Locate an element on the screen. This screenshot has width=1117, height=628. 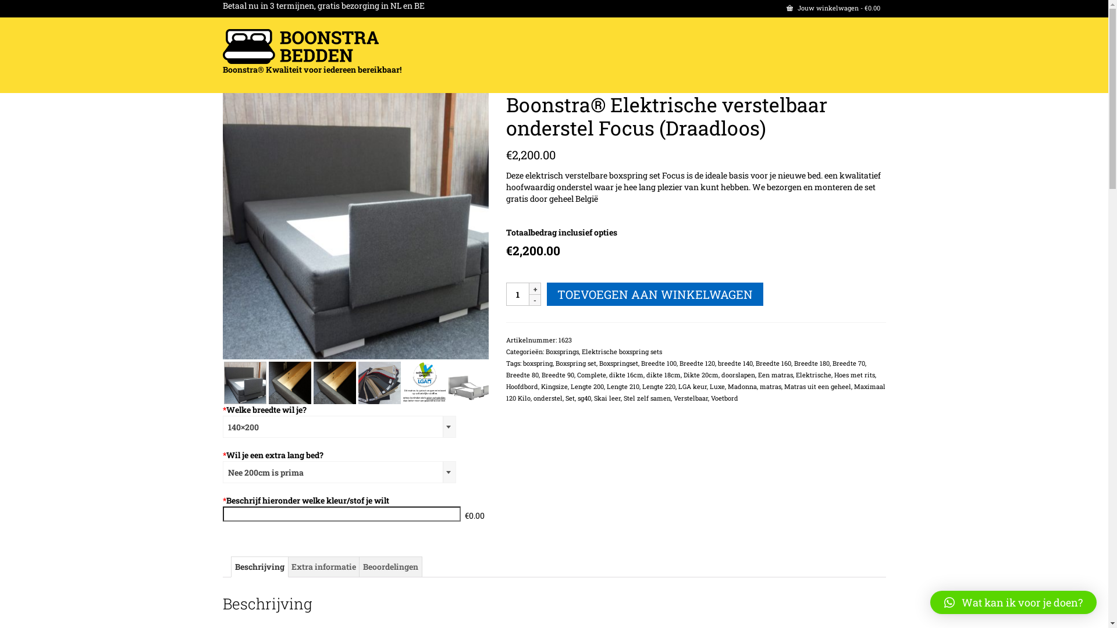
'sg40' is located at coordinates (584, 397).